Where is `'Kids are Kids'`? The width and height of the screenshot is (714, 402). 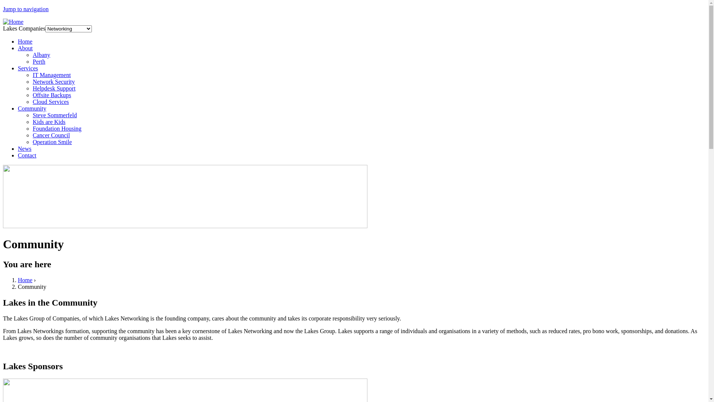 'Kids are Kids' is located at coordinates (48, 121).